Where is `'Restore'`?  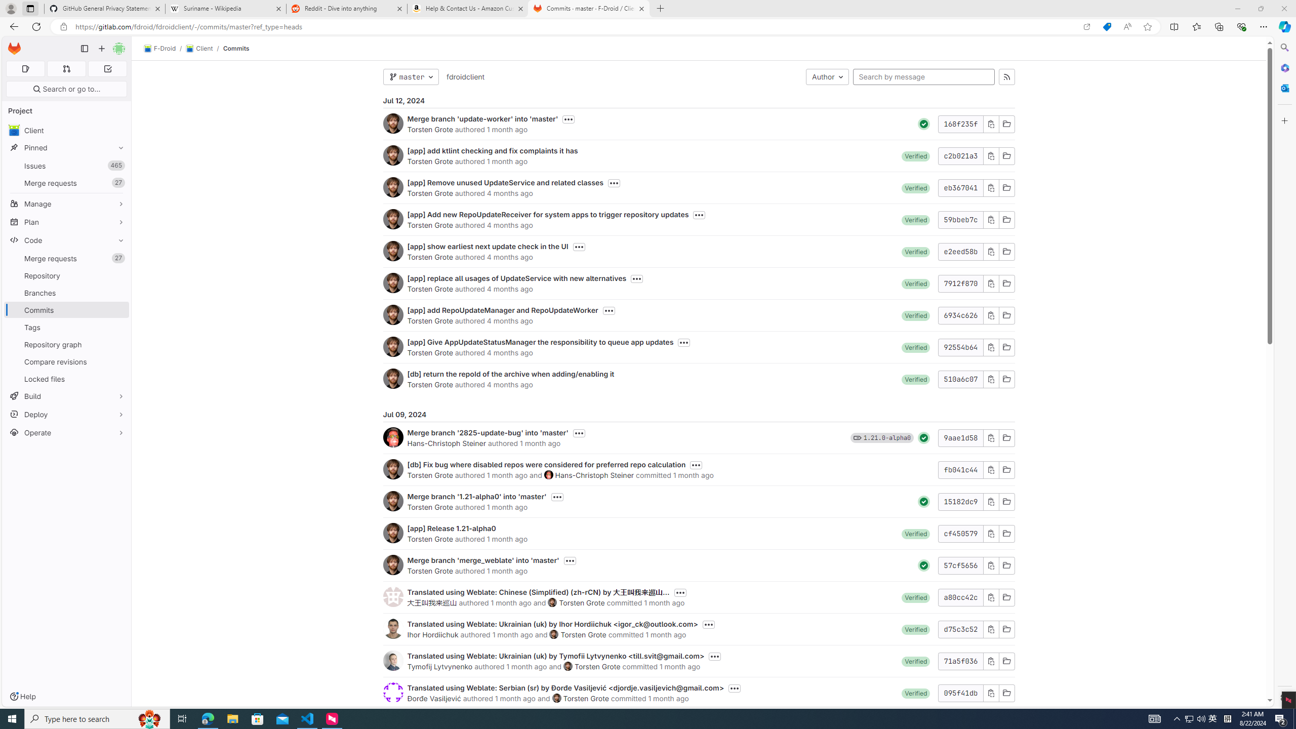 'Restore' is located at coordinates (1261, 8).